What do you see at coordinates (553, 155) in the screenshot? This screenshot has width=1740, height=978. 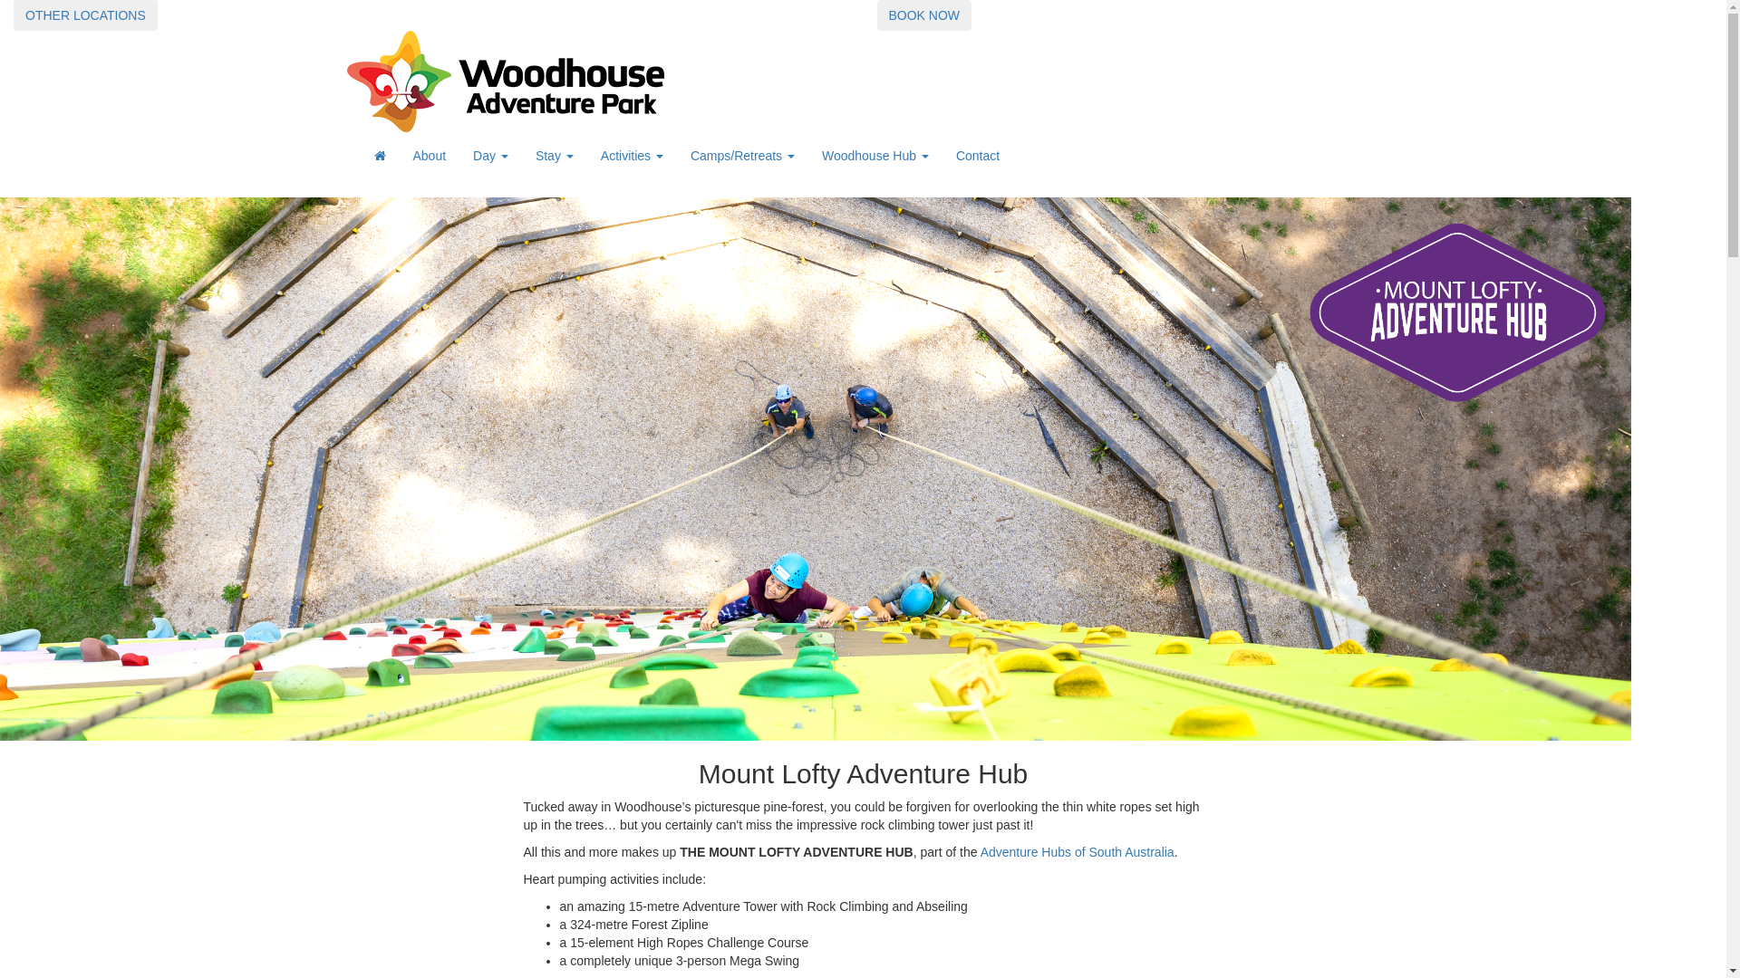 I see `'Stay'` at bounding box center [553, 155].